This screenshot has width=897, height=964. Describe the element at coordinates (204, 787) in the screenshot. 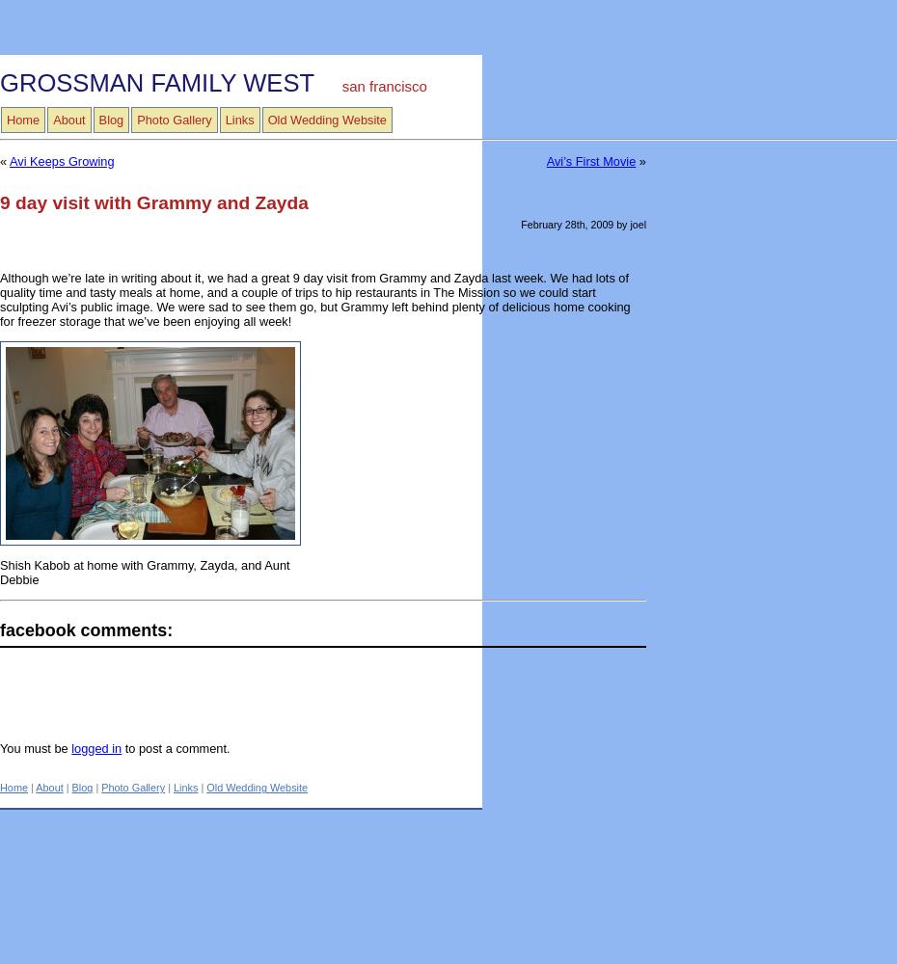

I see `'Old Wedding Website'` at that location.